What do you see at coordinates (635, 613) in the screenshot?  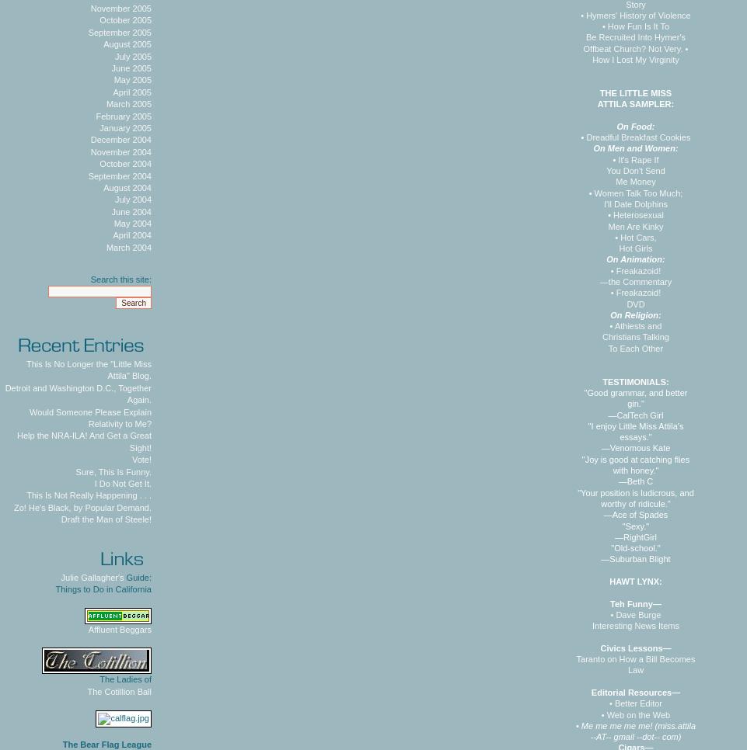 I see `'• Dave Burge'` at bounding box center [635, 613].